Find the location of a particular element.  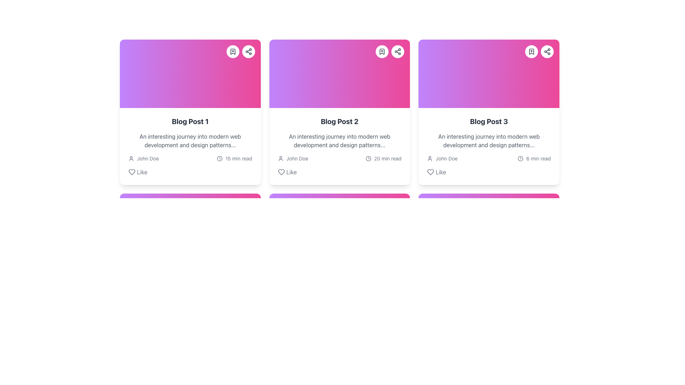

the 'Like' text label located to the right of the heart icon in the lower section of the third blog post card is located at coordinates (440, 172).